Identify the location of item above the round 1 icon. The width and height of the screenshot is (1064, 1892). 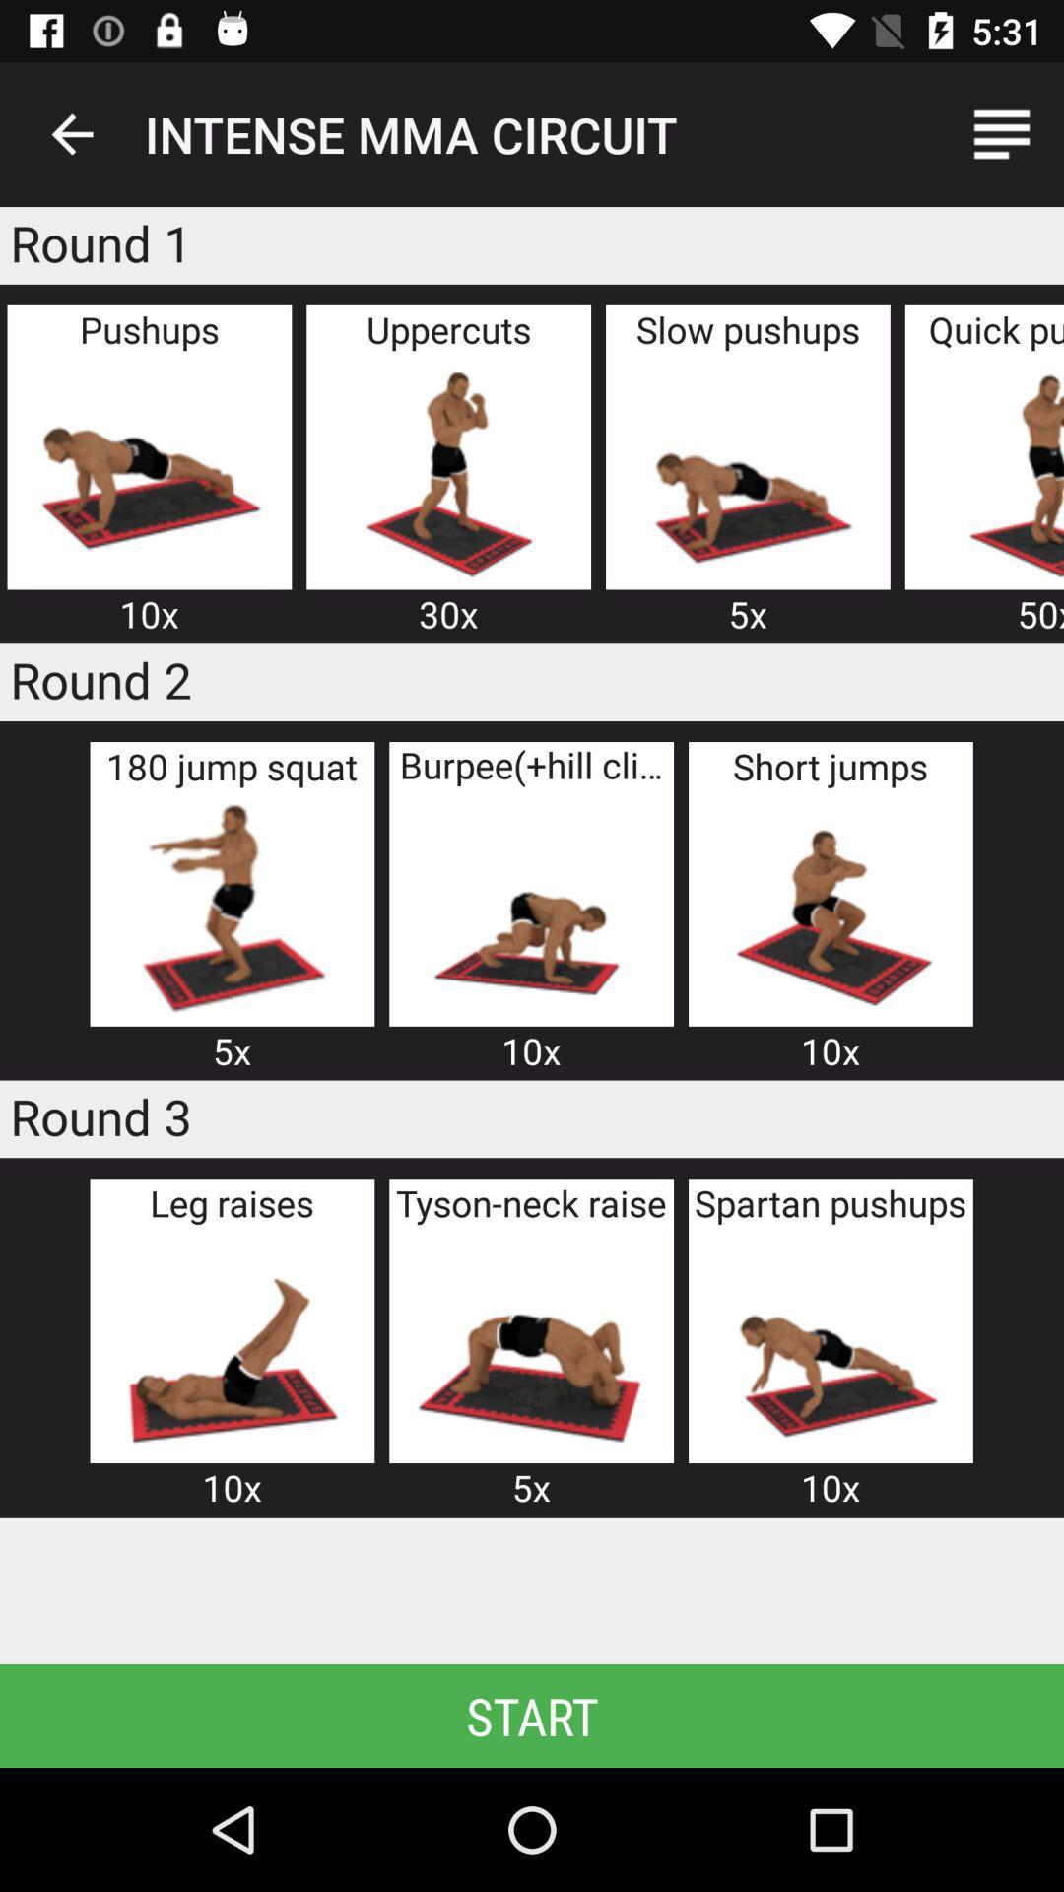
(71, 133).